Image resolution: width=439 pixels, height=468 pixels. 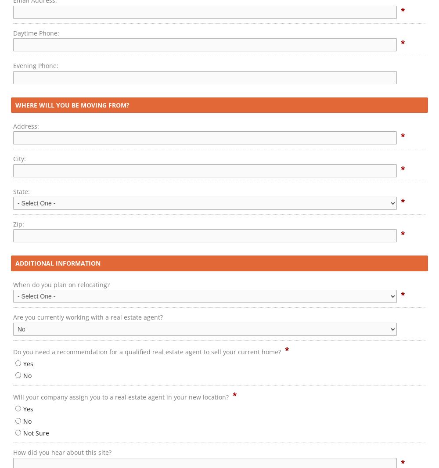 I want to click on 'Zip:', so click(x=18, y=224).